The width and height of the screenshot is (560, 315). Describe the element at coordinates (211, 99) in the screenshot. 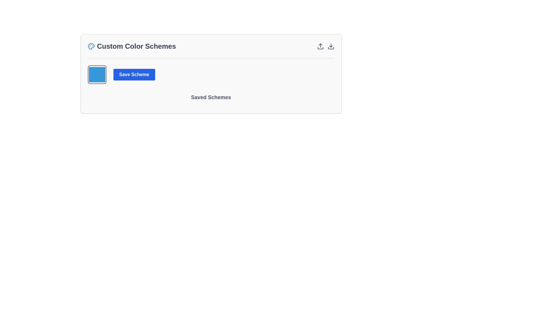

I see `the text label 'Saved Schemes', which is a bold heading located beneath the 'Save Scheme' button in the card layout` at that location.